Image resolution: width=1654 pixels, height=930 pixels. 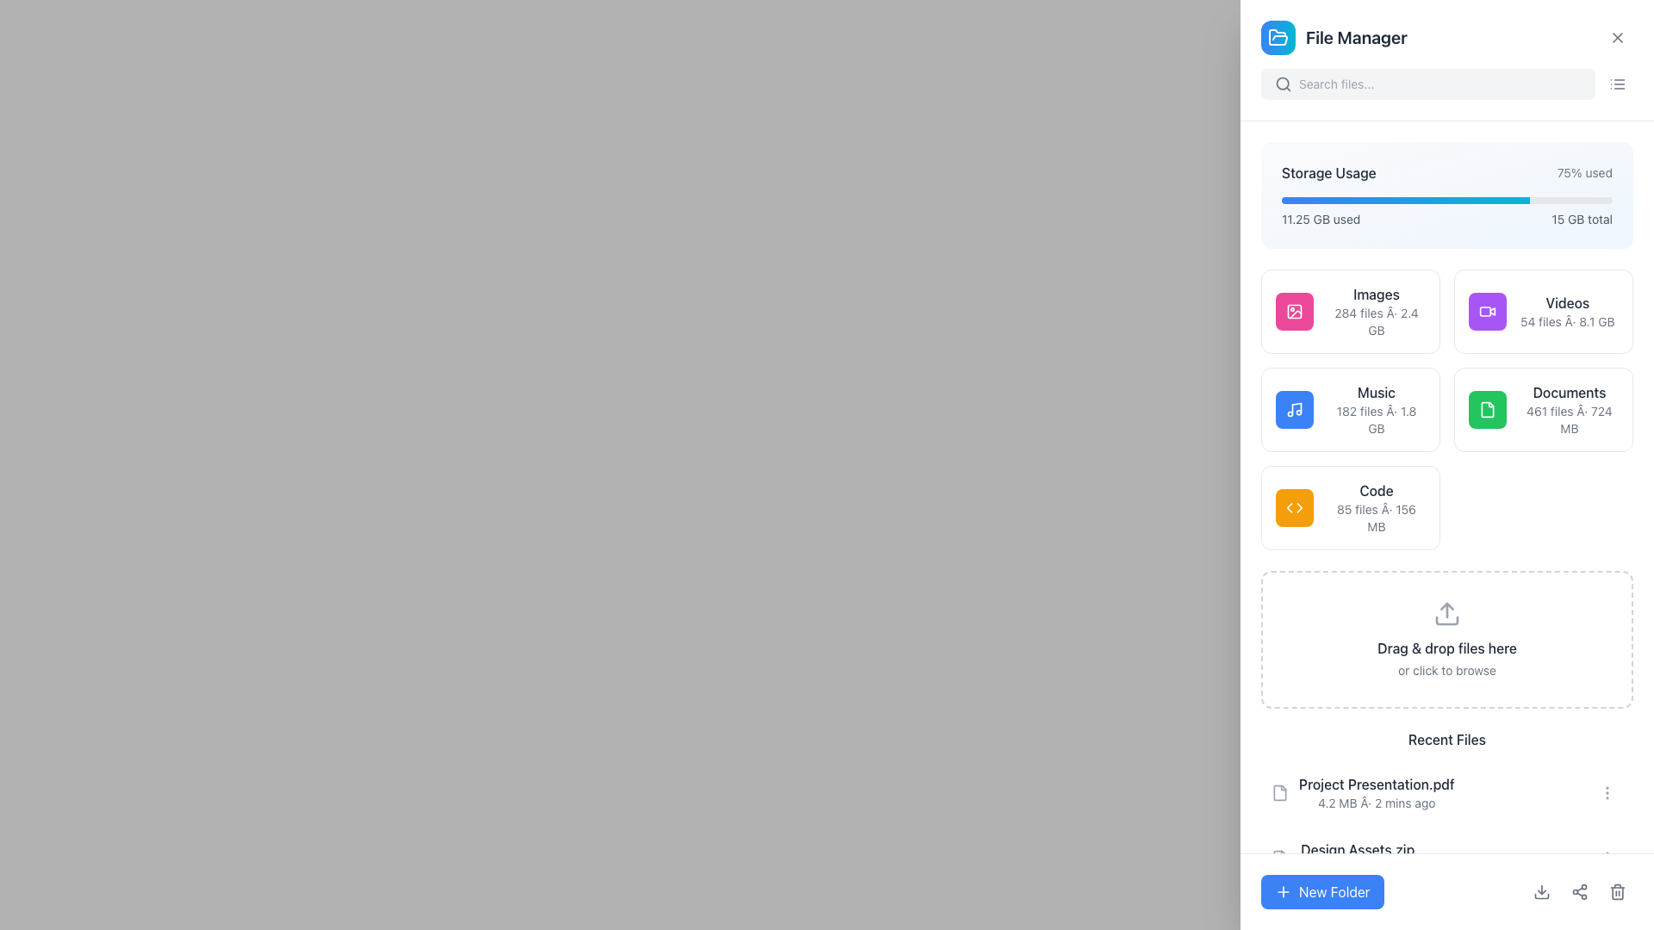 What do you see at coordinates (1376, 322) in the screenshot?
I see `information displayed in the Text label showing '284 files · 2.4 GB', which is styled in a small gray font and positioned below the 'Images' label in the top row, second column of the grid view` at bounding box center [1376, 322].